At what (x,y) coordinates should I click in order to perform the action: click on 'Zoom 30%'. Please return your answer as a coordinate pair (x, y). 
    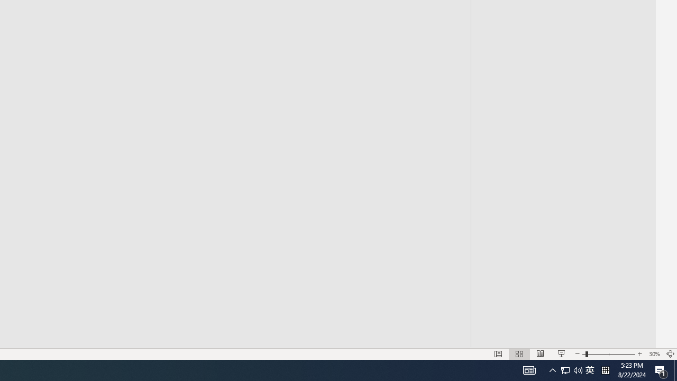
    Looking at the image, I should click on (654, 354).